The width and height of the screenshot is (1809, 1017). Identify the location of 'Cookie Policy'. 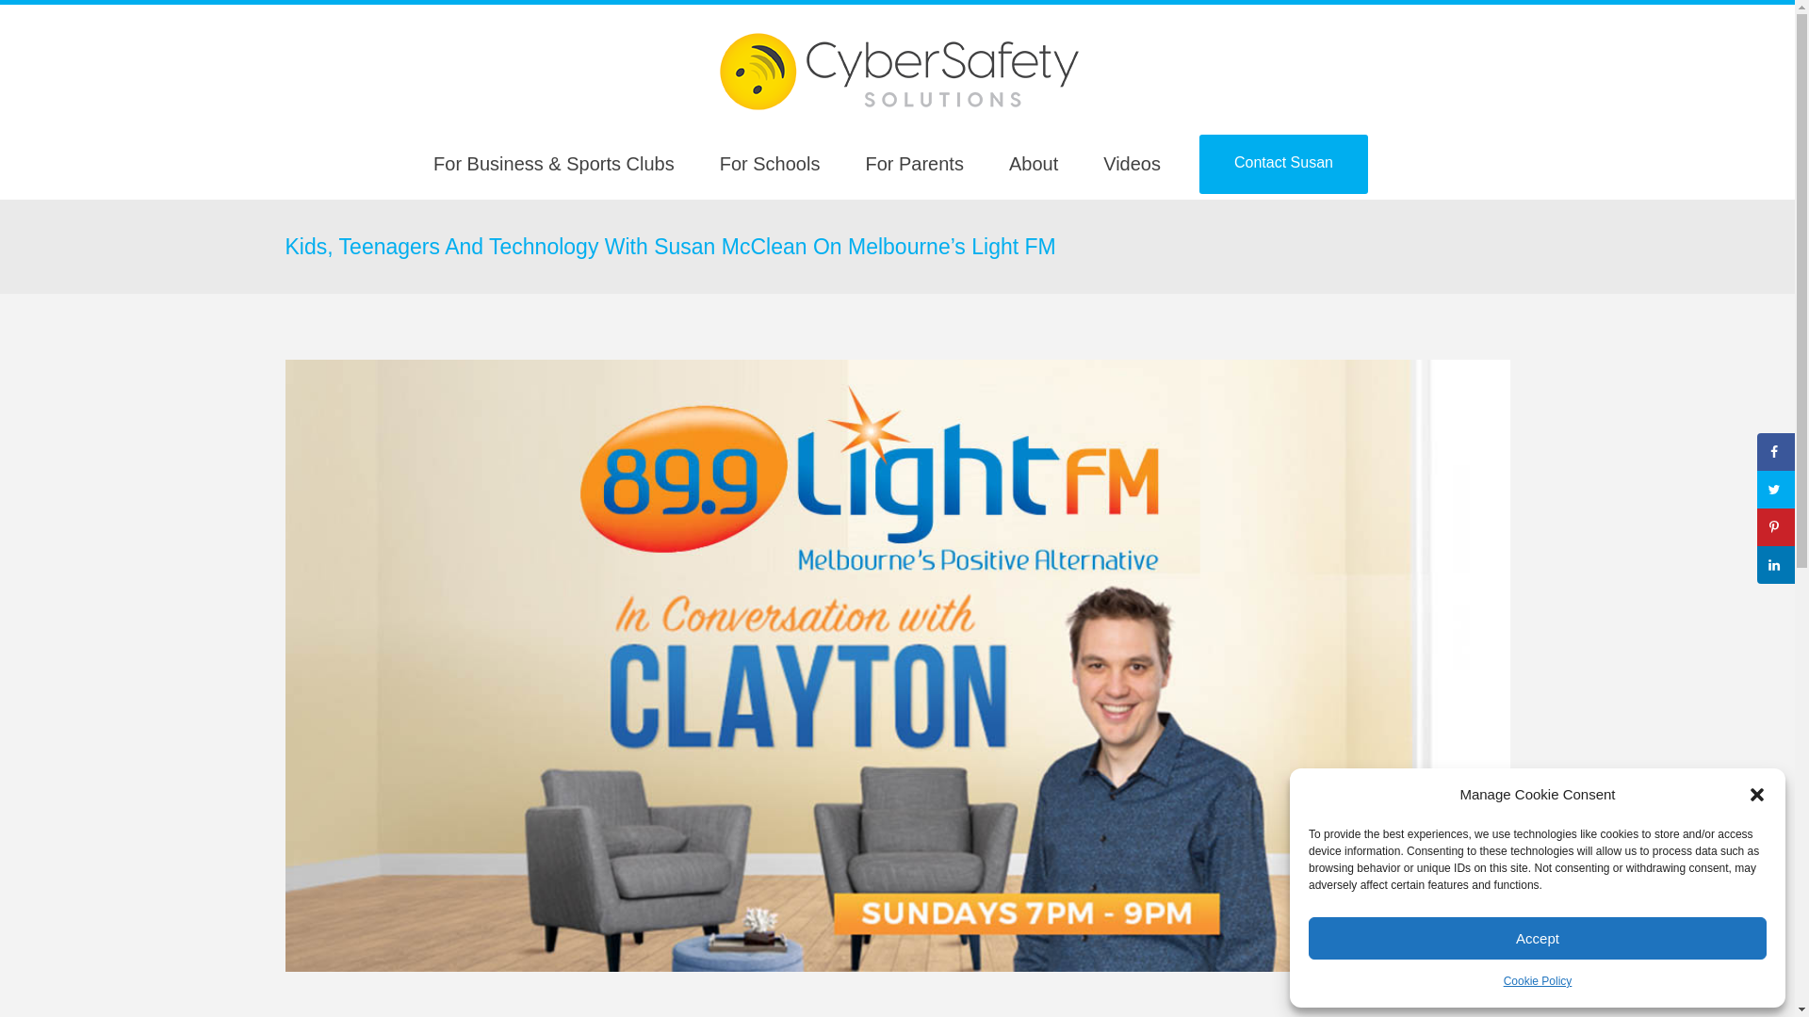
(1538, 979).